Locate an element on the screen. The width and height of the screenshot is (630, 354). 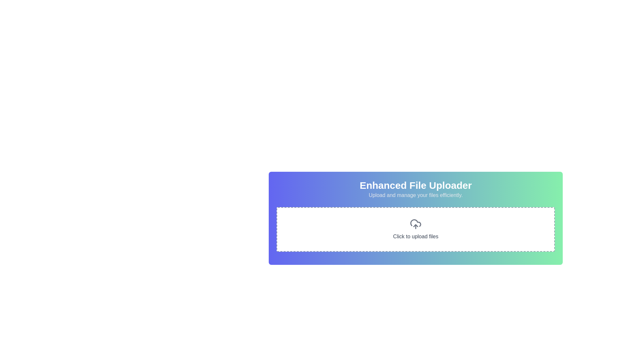
the heading 'Enhanced File Uploader' of the File uploader interface is located at coordinates (415, 232).